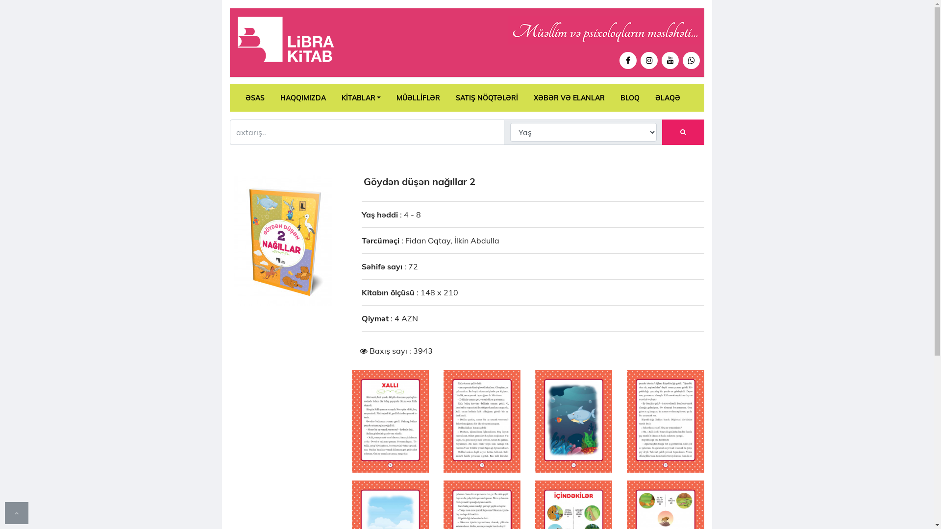 This screenshot has width=941, height=529. What do you see at coordinates (272, 98) in the screenshot?
I see `'HAQQIMIZDA'` at bounding box center [272, 98].